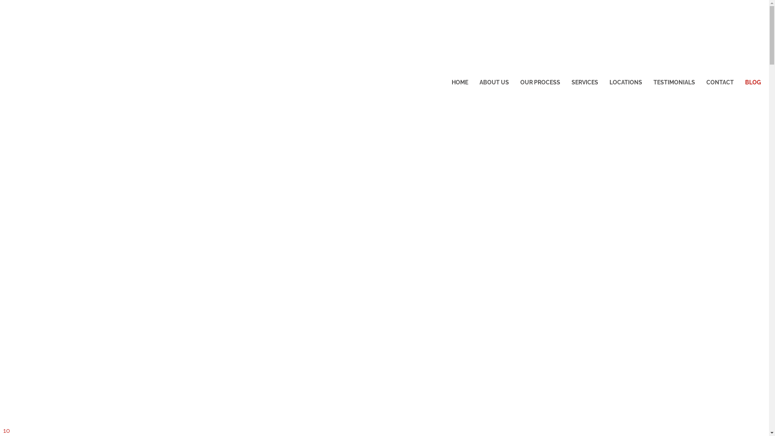 The width and height of the screenshot is (775, 436). What do you see at coordinates (475, 82) in the screenshot?
I see `'ABOUT US'` at bounding box center [475, 82].